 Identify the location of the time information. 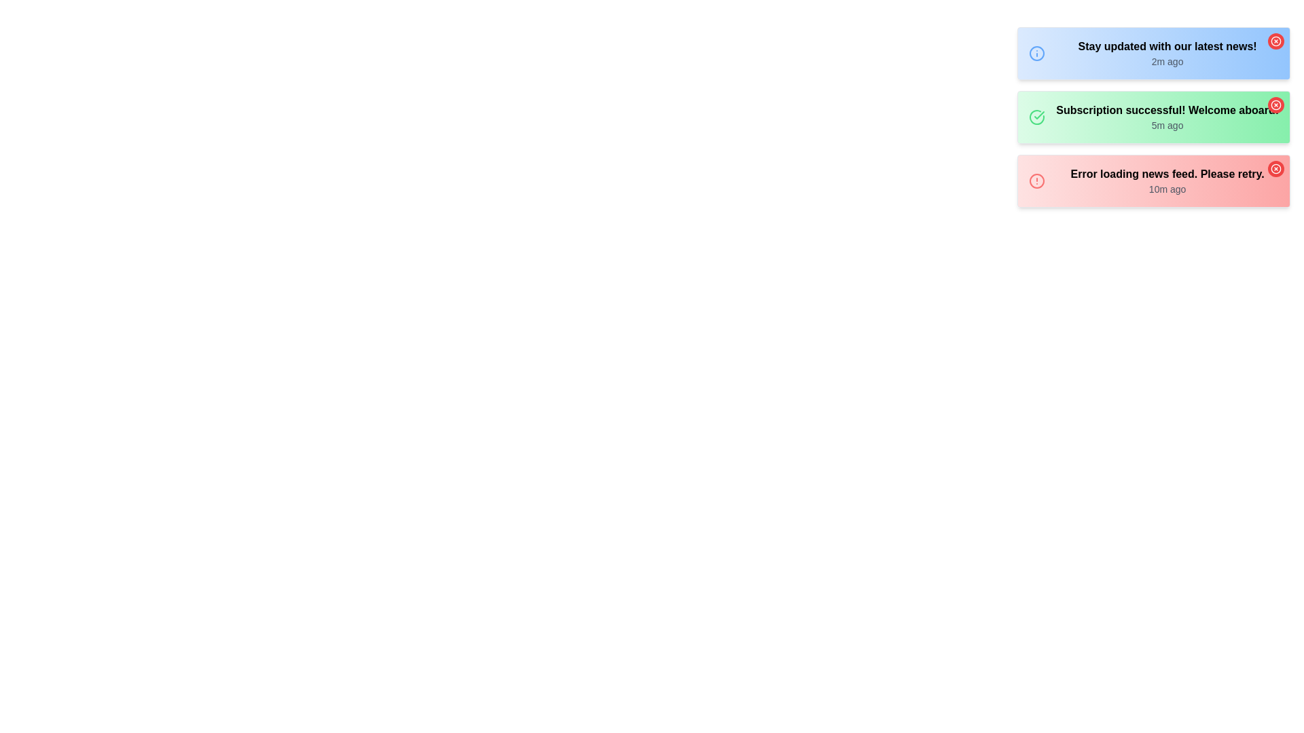
(1167, 117).